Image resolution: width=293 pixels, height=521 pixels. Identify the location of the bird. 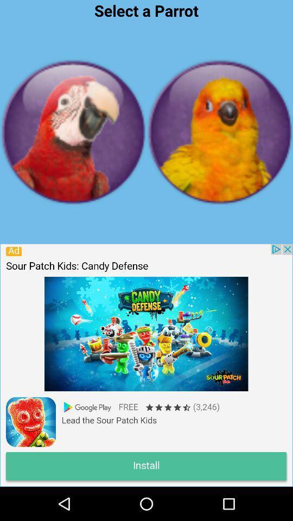
(220, 131).